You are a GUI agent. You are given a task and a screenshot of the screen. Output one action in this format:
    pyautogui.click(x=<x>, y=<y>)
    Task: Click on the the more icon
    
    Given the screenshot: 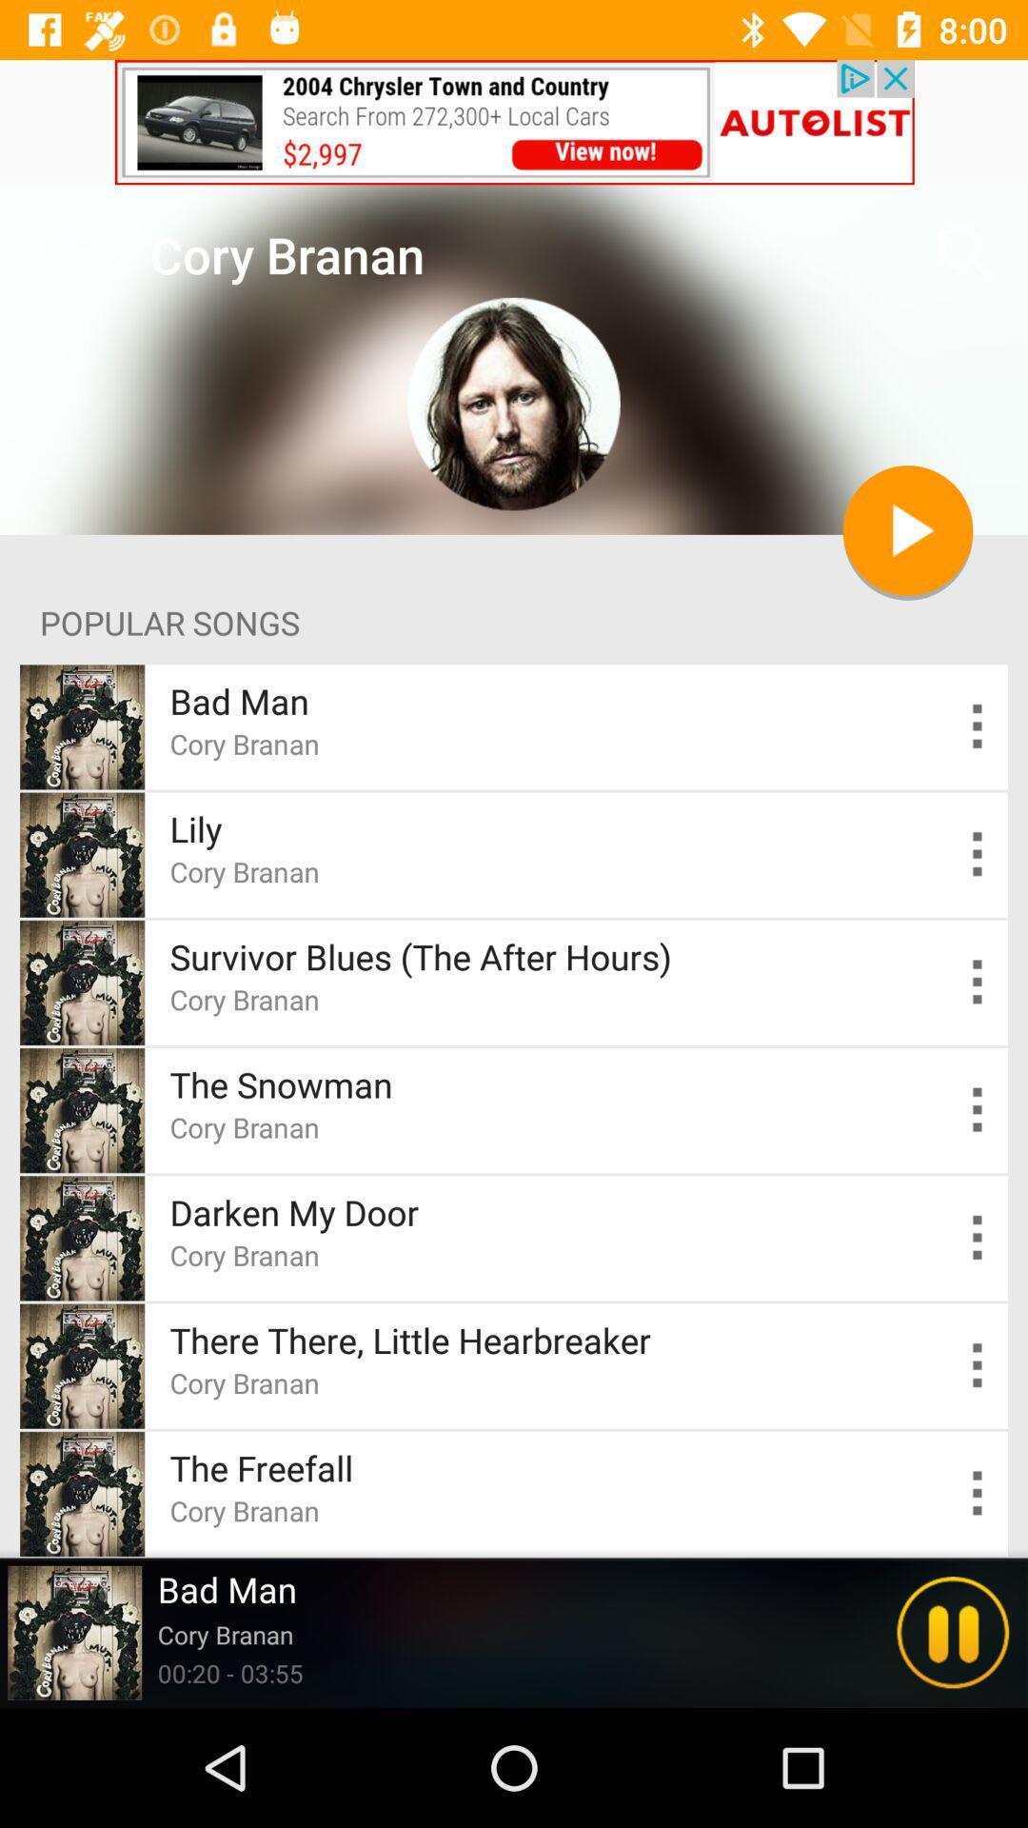 What is the action you would take?
    pyautogui.click(x=978, y=1238)
    